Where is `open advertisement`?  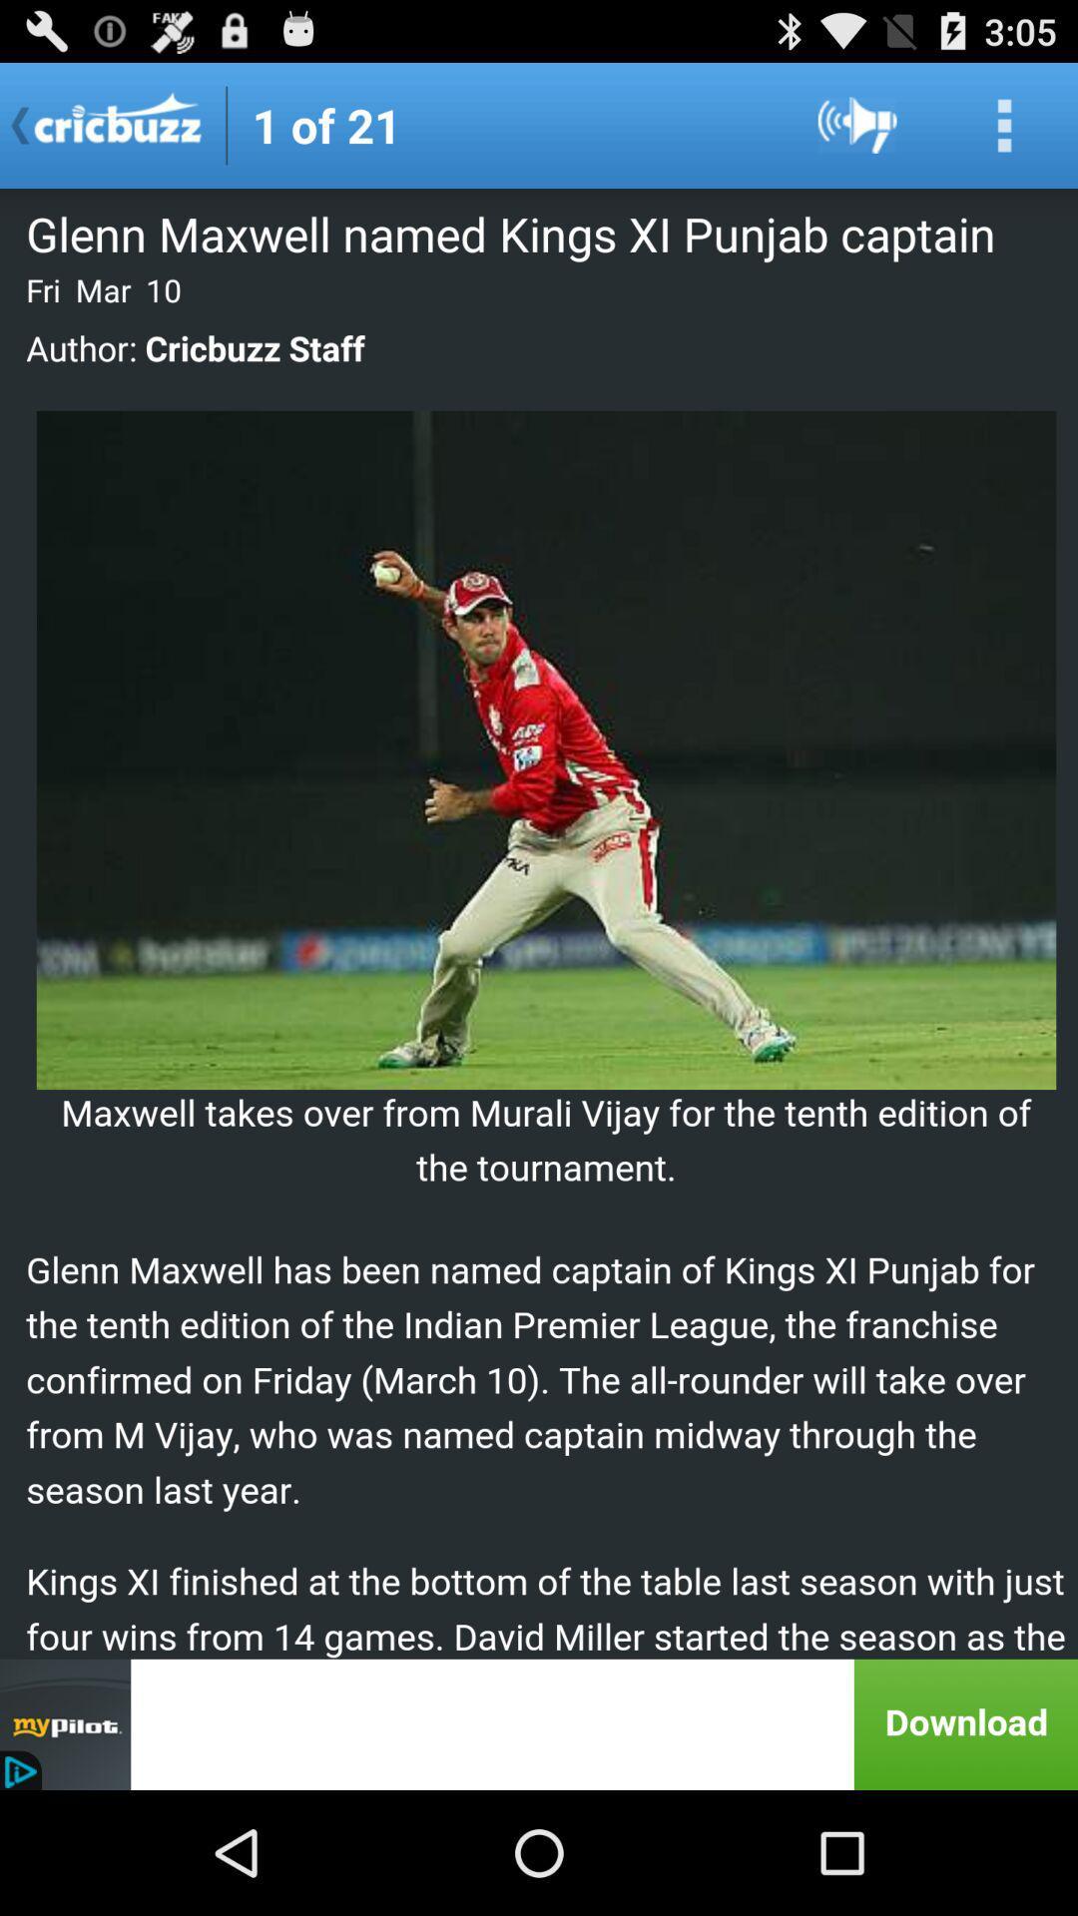 open advertisement is located at coordinates (539, 1723).